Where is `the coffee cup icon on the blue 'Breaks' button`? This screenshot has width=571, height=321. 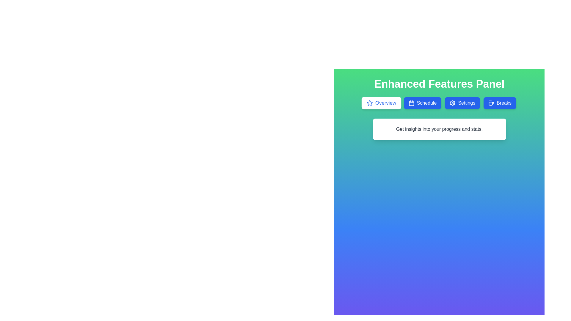 the coffee cup icon on the blue 'Breaks' button is located at coordinates (491, 103).